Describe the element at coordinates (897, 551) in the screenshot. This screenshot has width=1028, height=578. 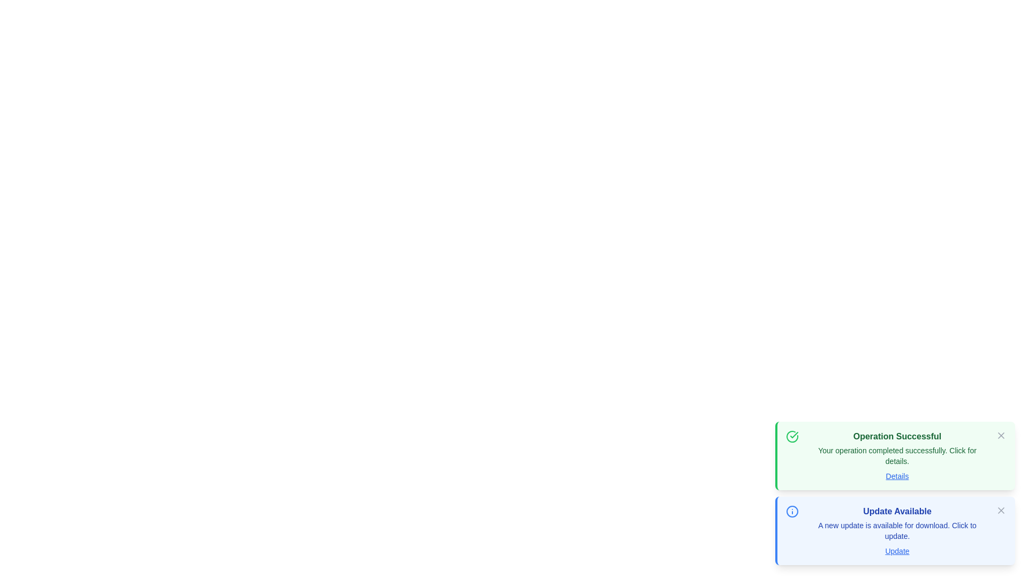
I see `the blue underlined hyperlink labeled 'Update' located in the notification box titled 'Update Available' in the bottom-right quadrant of the interface` at that location.